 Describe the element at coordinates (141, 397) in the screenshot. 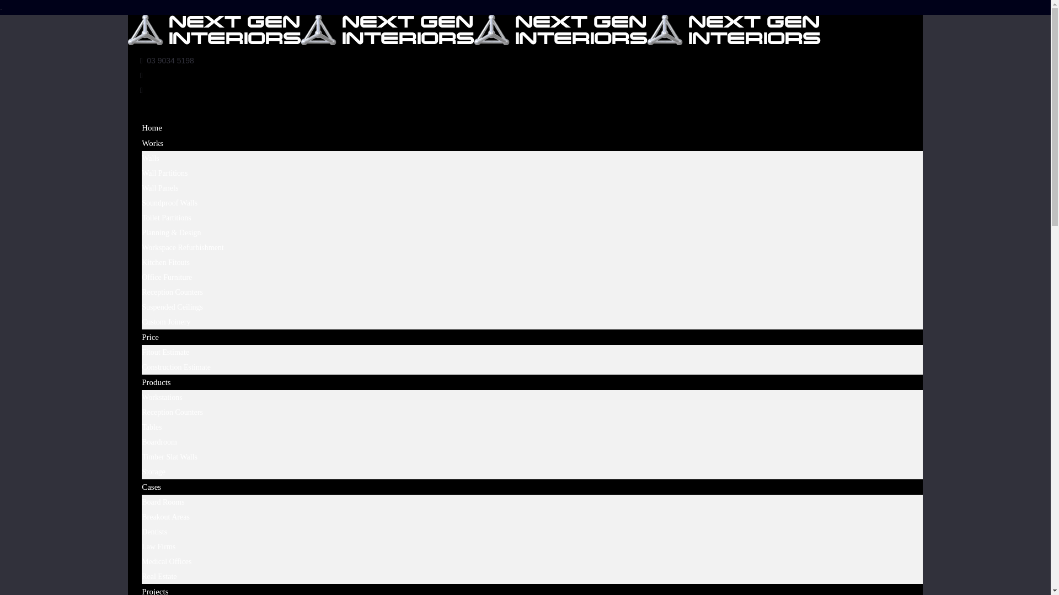

I see `'Workstations'` at that location.